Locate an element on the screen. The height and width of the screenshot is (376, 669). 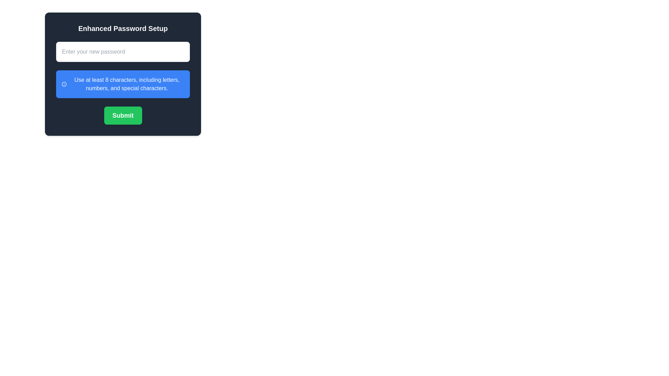
the instructional notice or tooltip that guides users on creating a secure password, located directly under the 'Enter your new password' input field and above the 'Submit' button is located at coordinates (123, 84).